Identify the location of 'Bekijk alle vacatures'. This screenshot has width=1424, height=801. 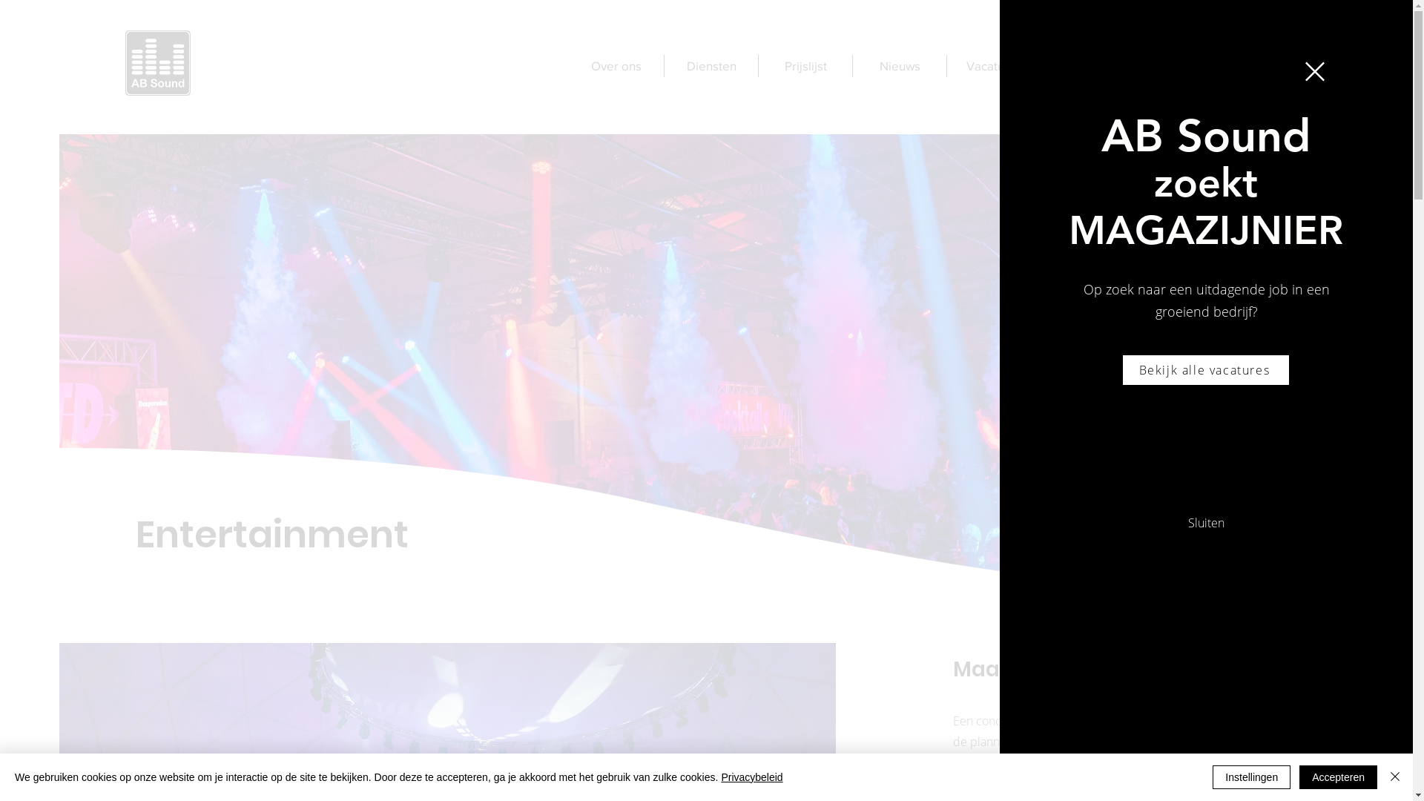
(1206, 369).